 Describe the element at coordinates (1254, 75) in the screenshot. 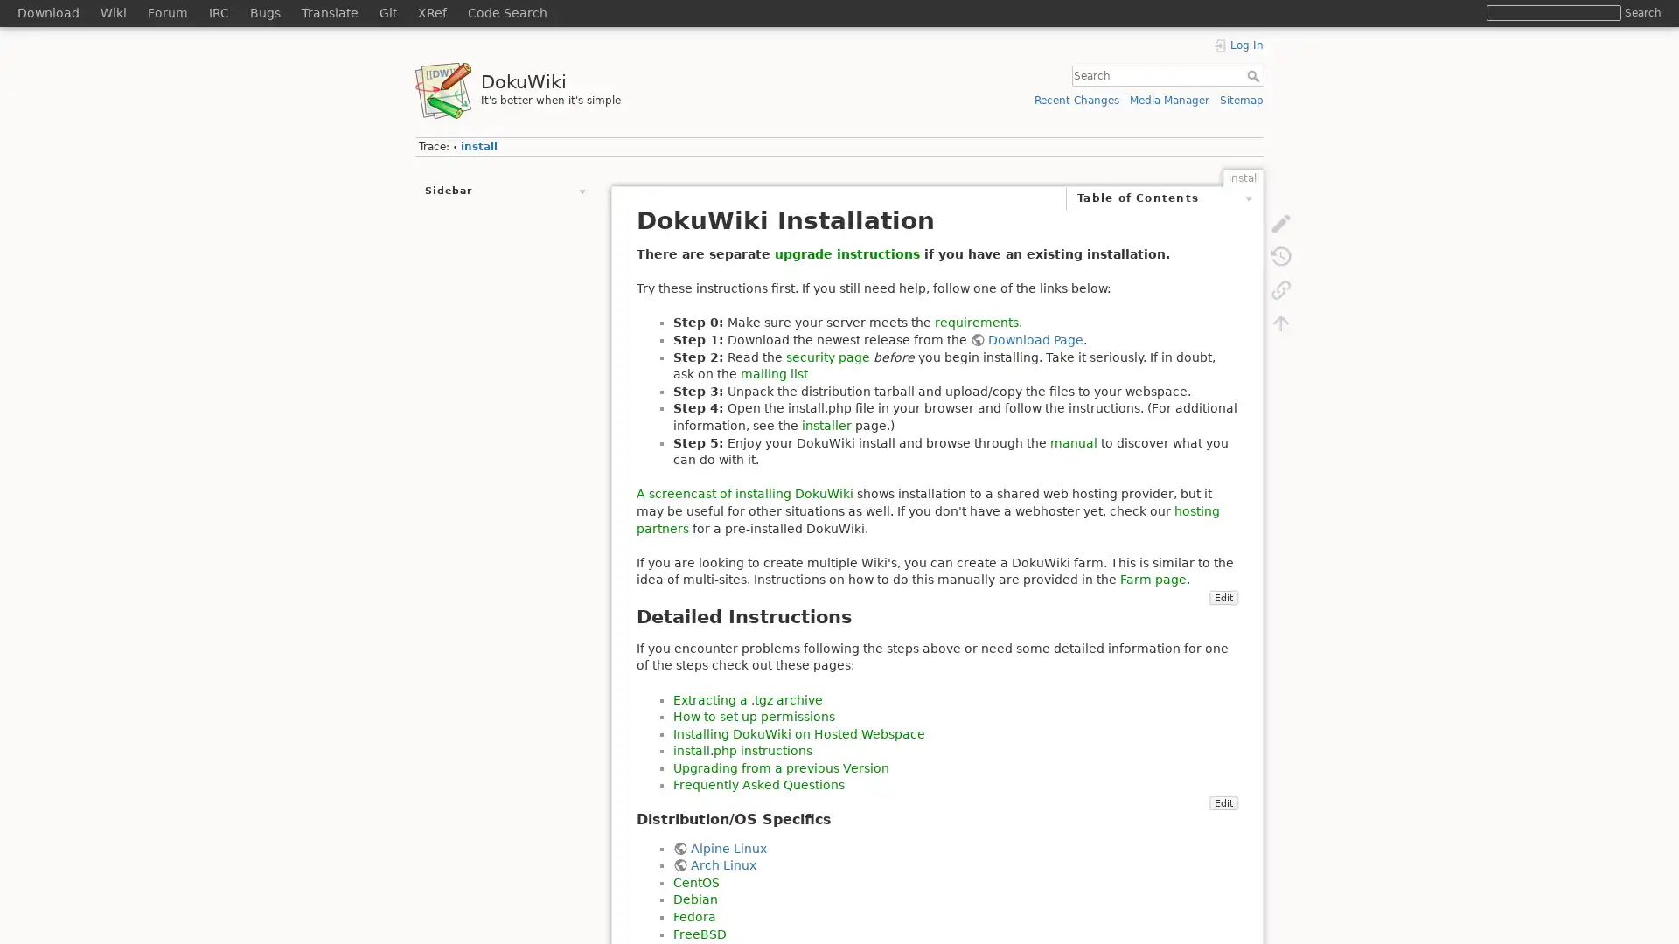

I see `Search` at that location.